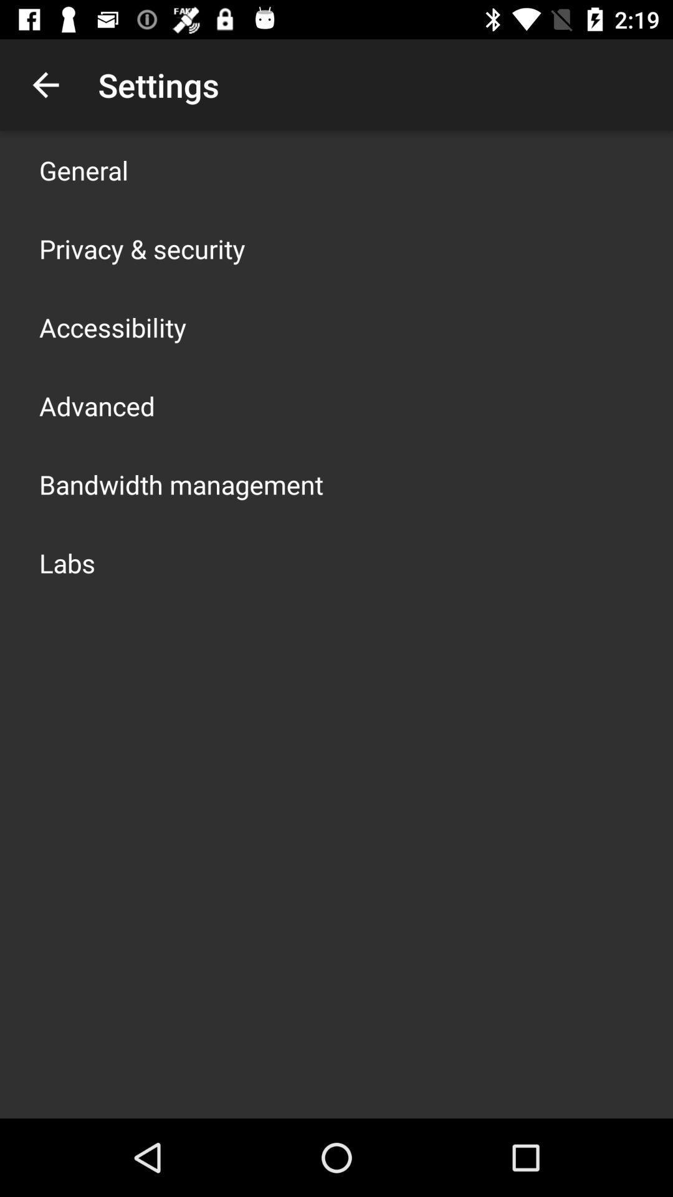 The image size is (673, 1197). I want to click on the icon below the general, so click(141, 248).